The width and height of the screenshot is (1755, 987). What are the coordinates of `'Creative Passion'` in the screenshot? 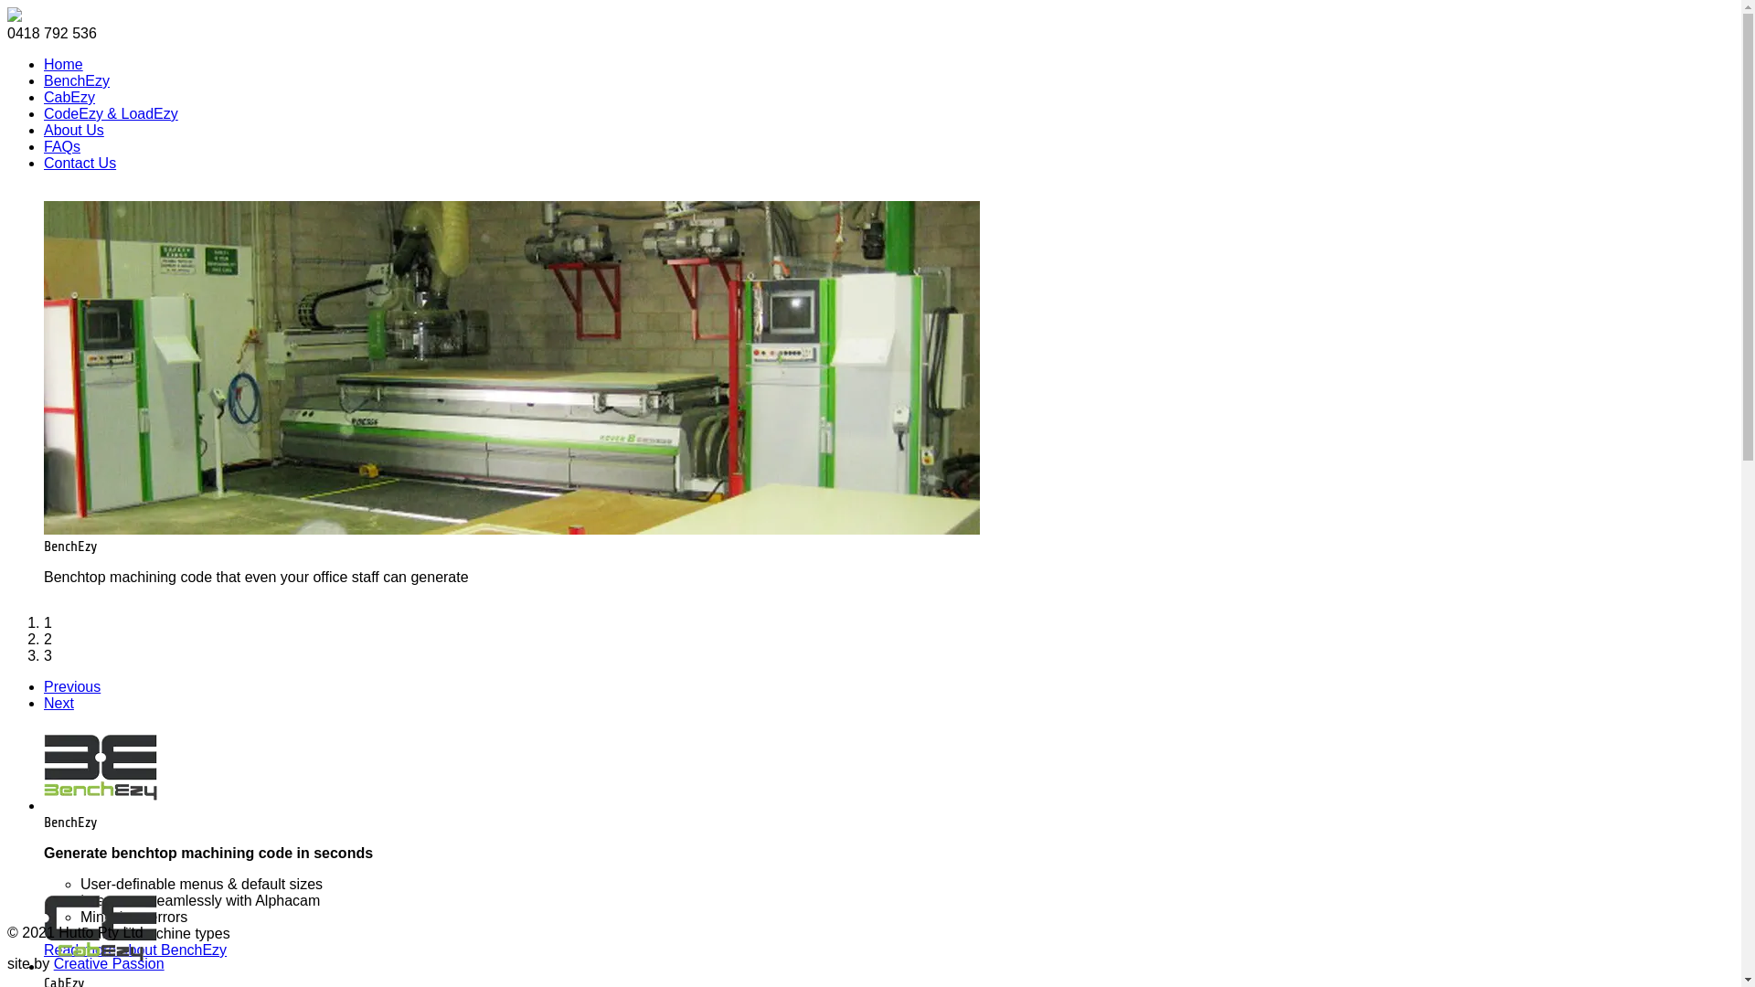 It's located at (108, 962).